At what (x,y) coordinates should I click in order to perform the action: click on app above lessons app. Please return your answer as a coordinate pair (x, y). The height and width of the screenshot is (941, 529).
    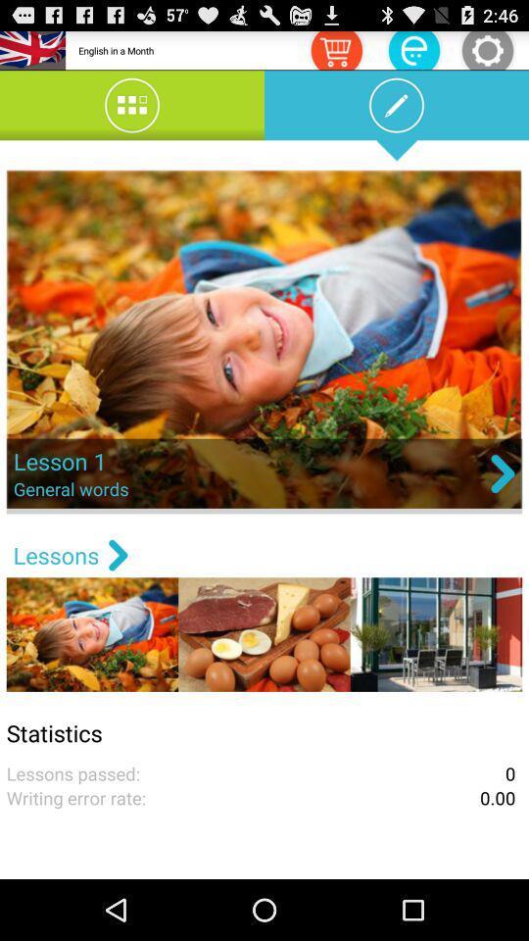
    Looking at the image, I should click on (264, 341).